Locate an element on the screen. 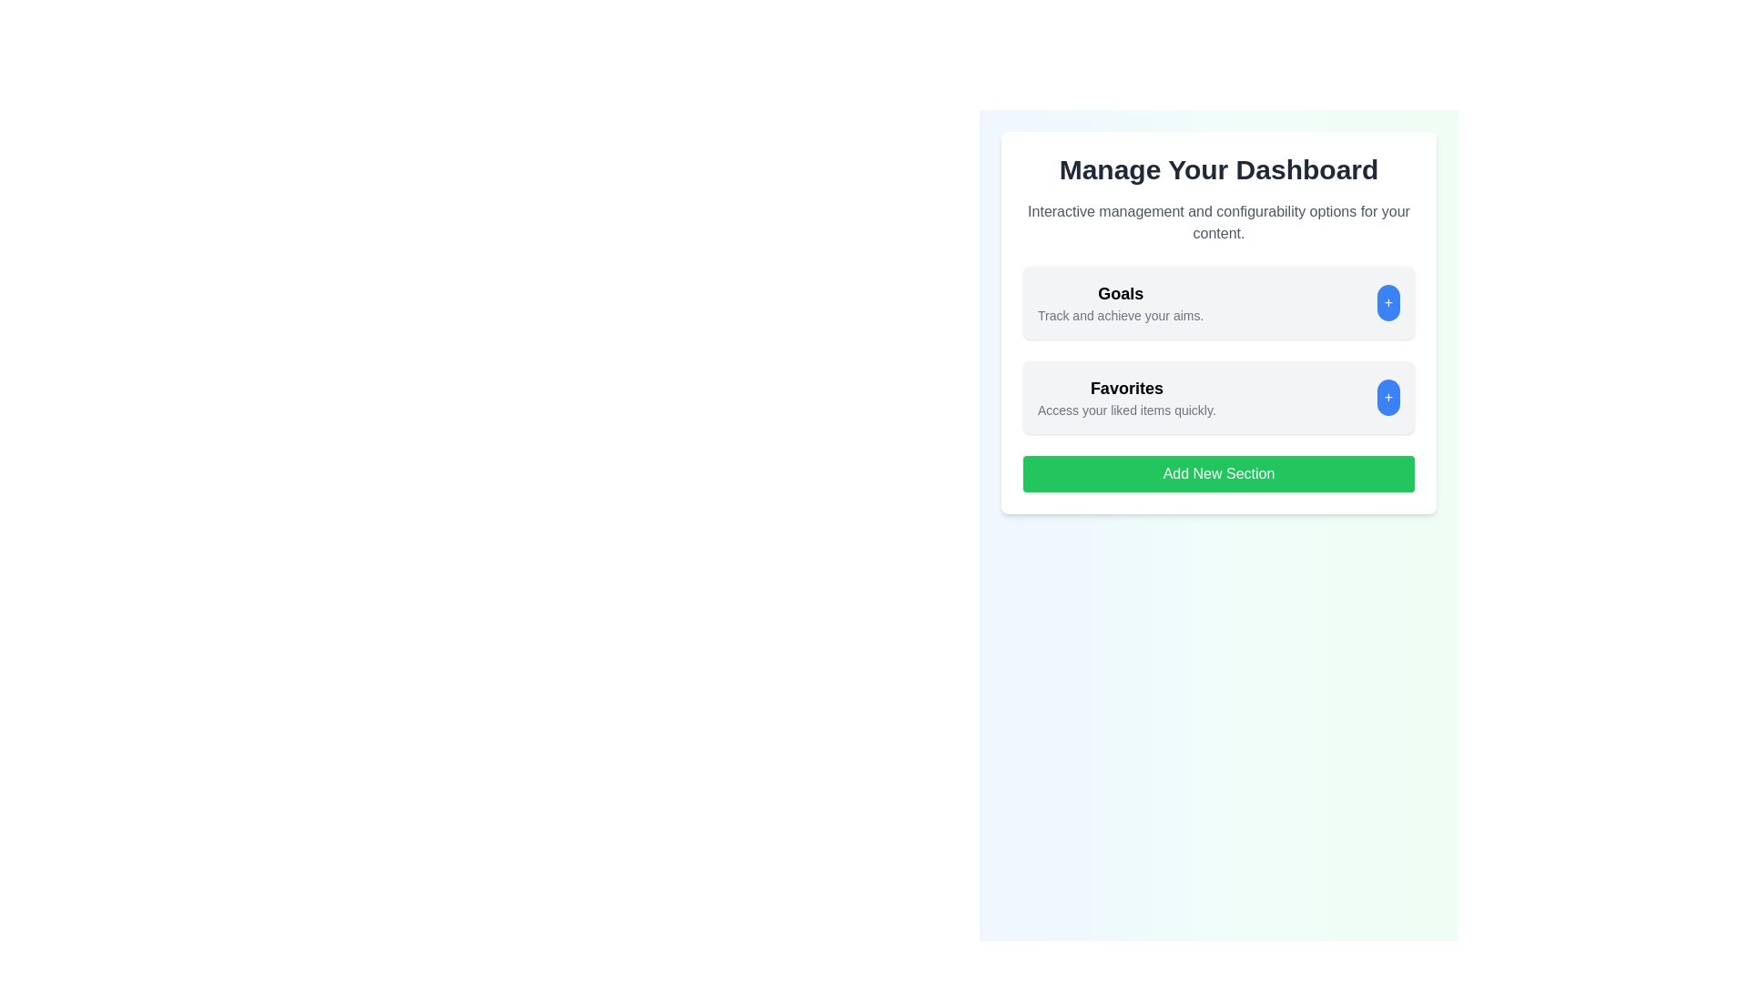 This screenshot has width=1748, height=983. prominent text label 'Goals' located in the header section of the card, styled with a larger font size and bold formatting is located at coordinates (1120, 293).